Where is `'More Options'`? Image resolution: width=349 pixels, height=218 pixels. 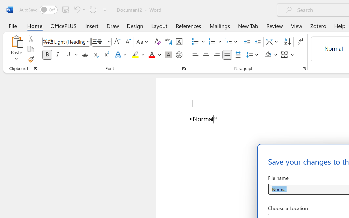
'More Options' is located at coordinates (292, 55).